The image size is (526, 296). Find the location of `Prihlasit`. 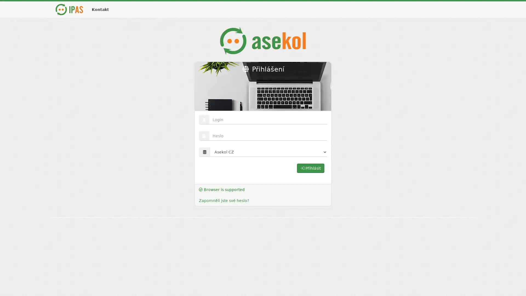

Prihlasit is located at coordinates (310, 168).